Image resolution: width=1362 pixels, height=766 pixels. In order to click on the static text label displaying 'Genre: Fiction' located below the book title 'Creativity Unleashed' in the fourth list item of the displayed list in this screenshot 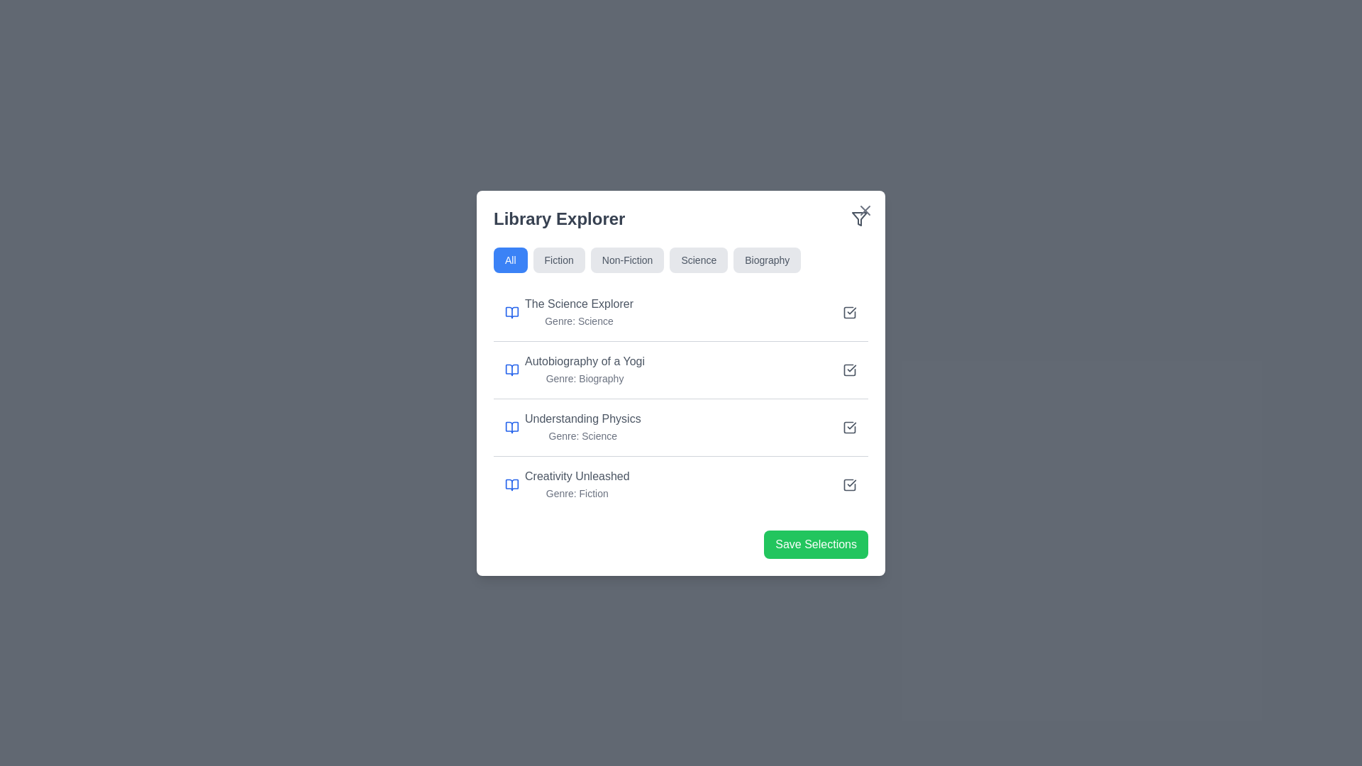, I will do `click(577, 492)`.